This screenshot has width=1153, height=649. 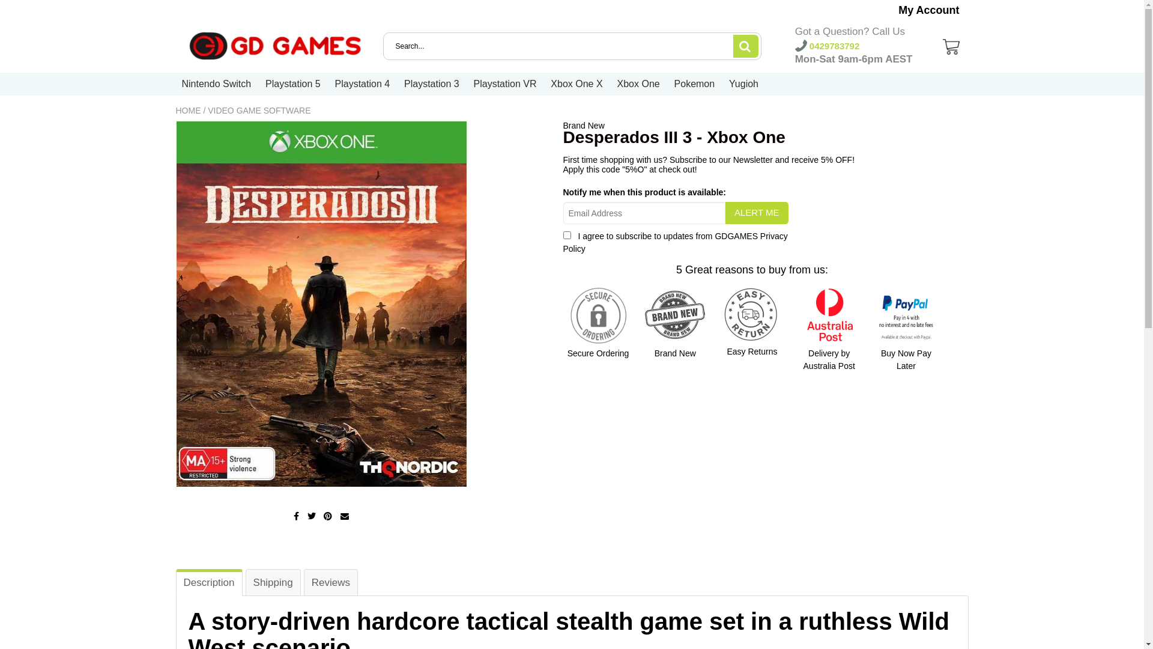 I want to click on 'My Account', so click(x=928, y=10).